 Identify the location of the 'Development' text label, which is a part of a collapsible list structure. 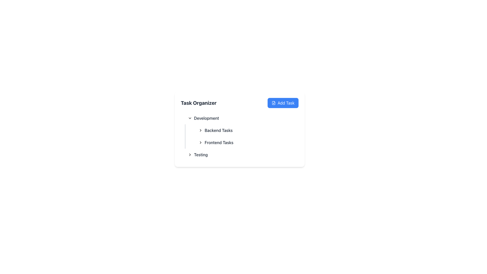
(206, 118).